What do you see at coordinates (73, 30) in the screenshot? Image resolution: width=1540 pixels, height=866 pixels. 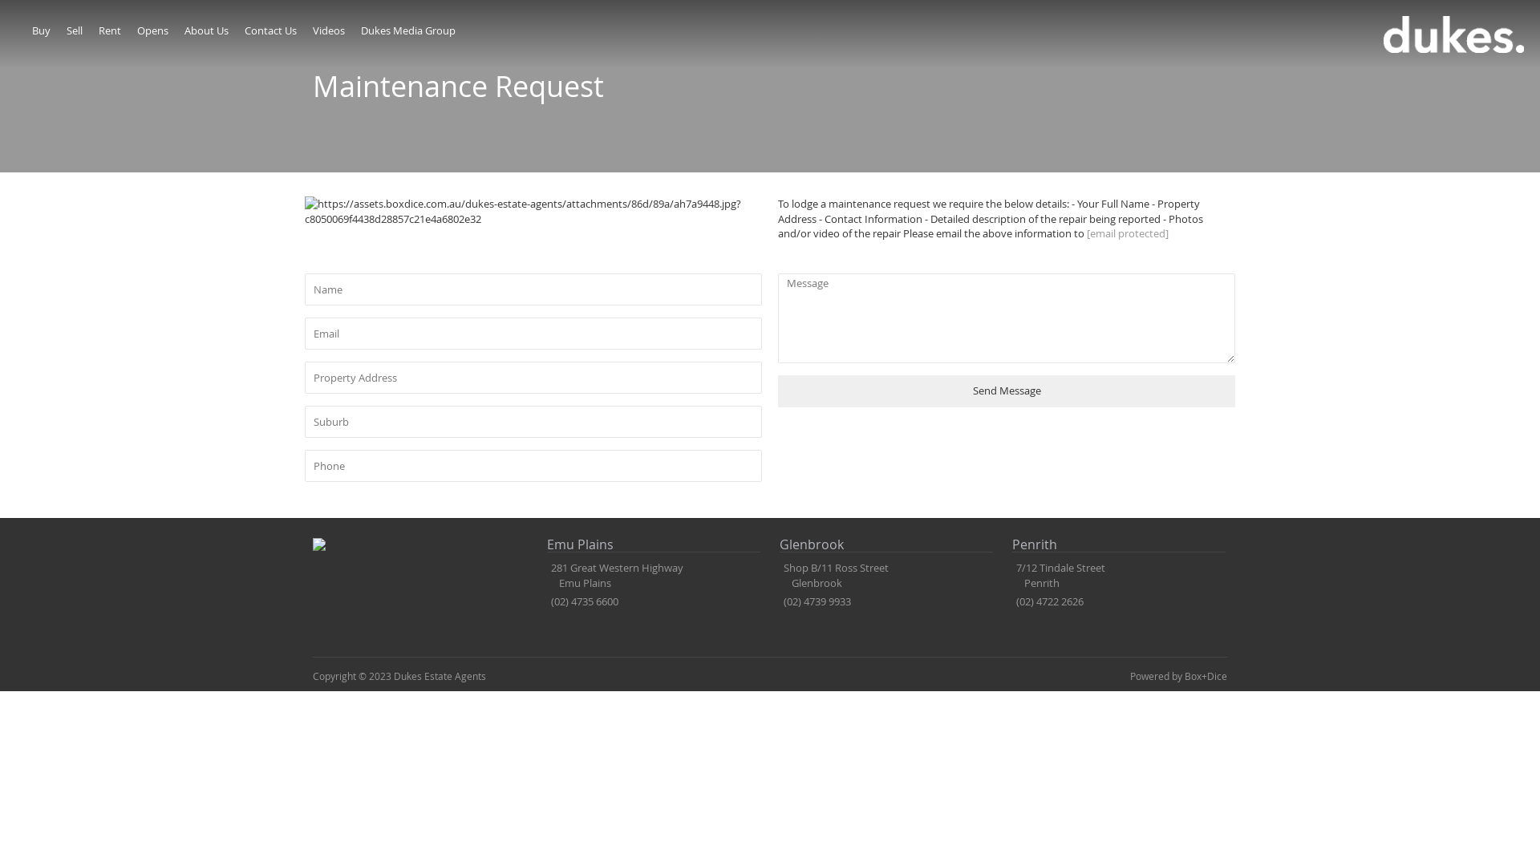 I see `'Sell'` at bounding box center [73, 30].